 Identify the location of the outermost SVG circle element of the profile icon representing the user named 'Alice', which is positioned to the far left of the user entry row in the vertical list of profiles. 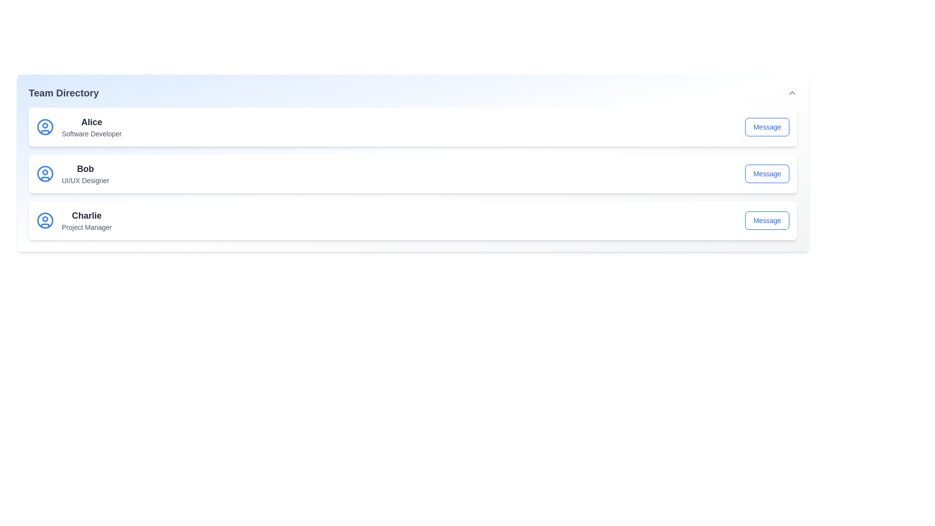
(44, 127).